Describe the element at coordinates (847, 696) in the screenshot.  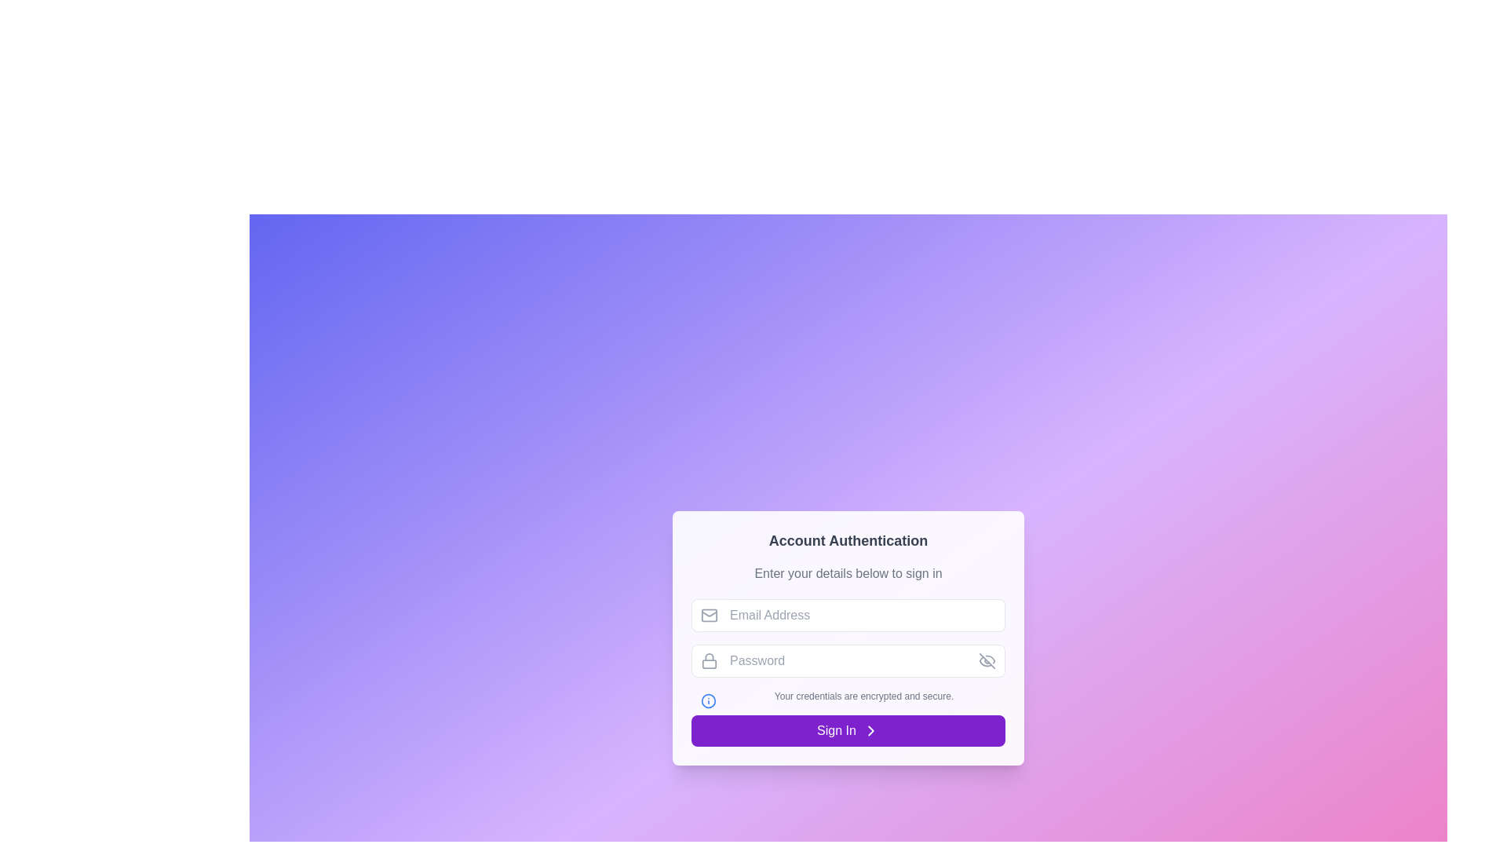
I see `security assurance message displayed beneath the password field, above the 'Sign In' button in the authentication form` at that location.